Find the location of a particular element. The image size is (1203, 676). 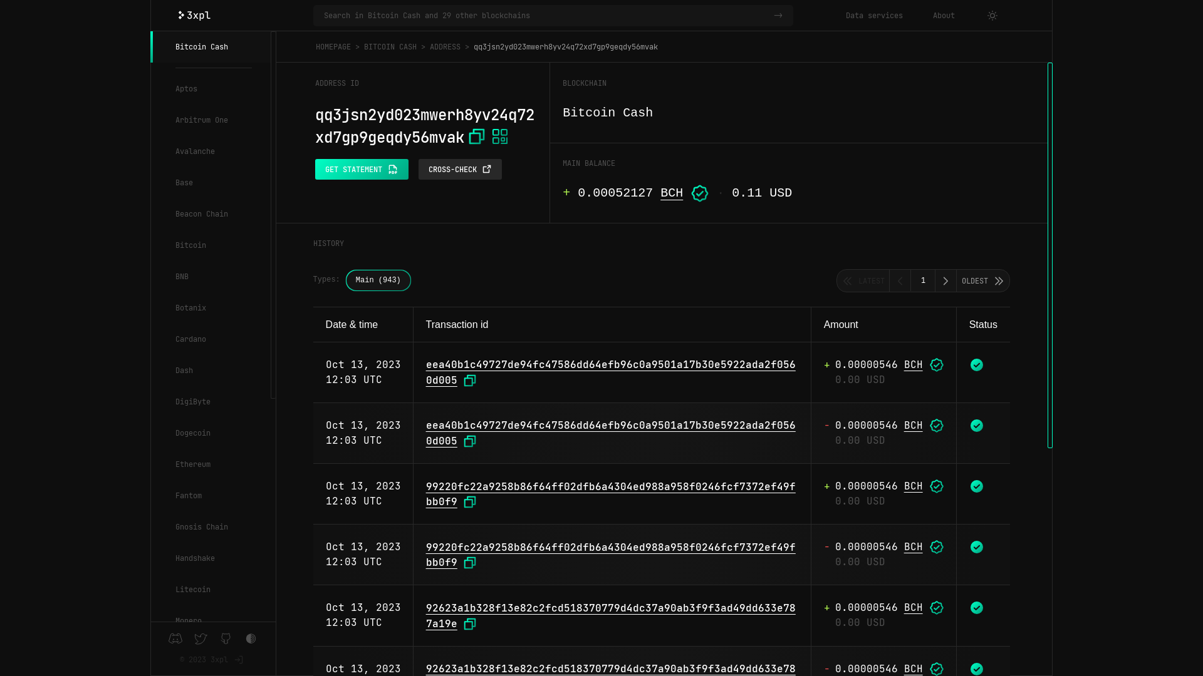

'Aptos' is located at coordinates (211, 88).